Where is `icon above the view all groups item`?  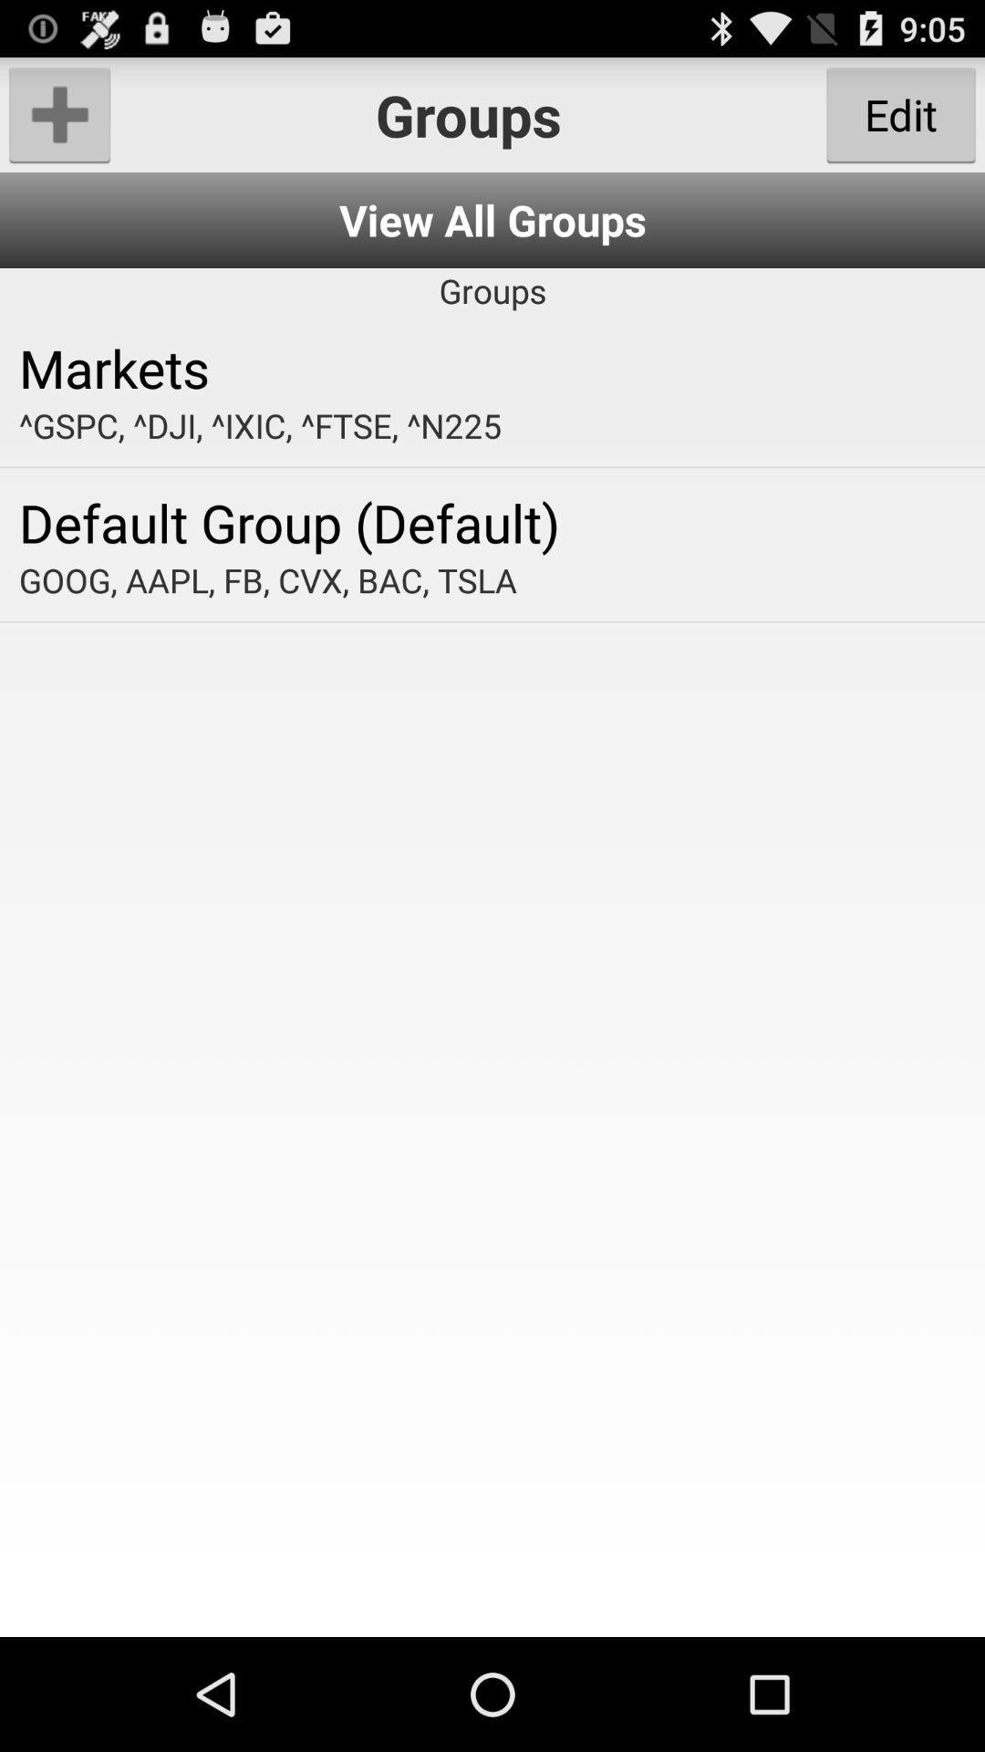 icon above the view all groups item is located at coordinates (58, 113).